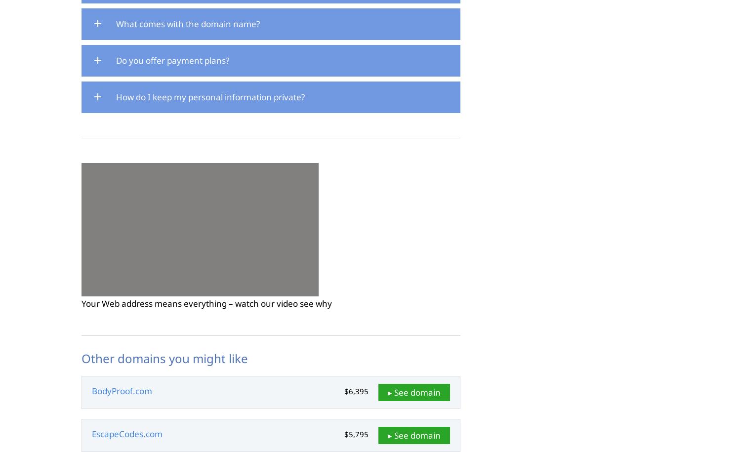  What do you see at coordinates (116, 96) in the screenshot?
I see `'How do I keep my personal information private?'` at bounding box center [116, 96].